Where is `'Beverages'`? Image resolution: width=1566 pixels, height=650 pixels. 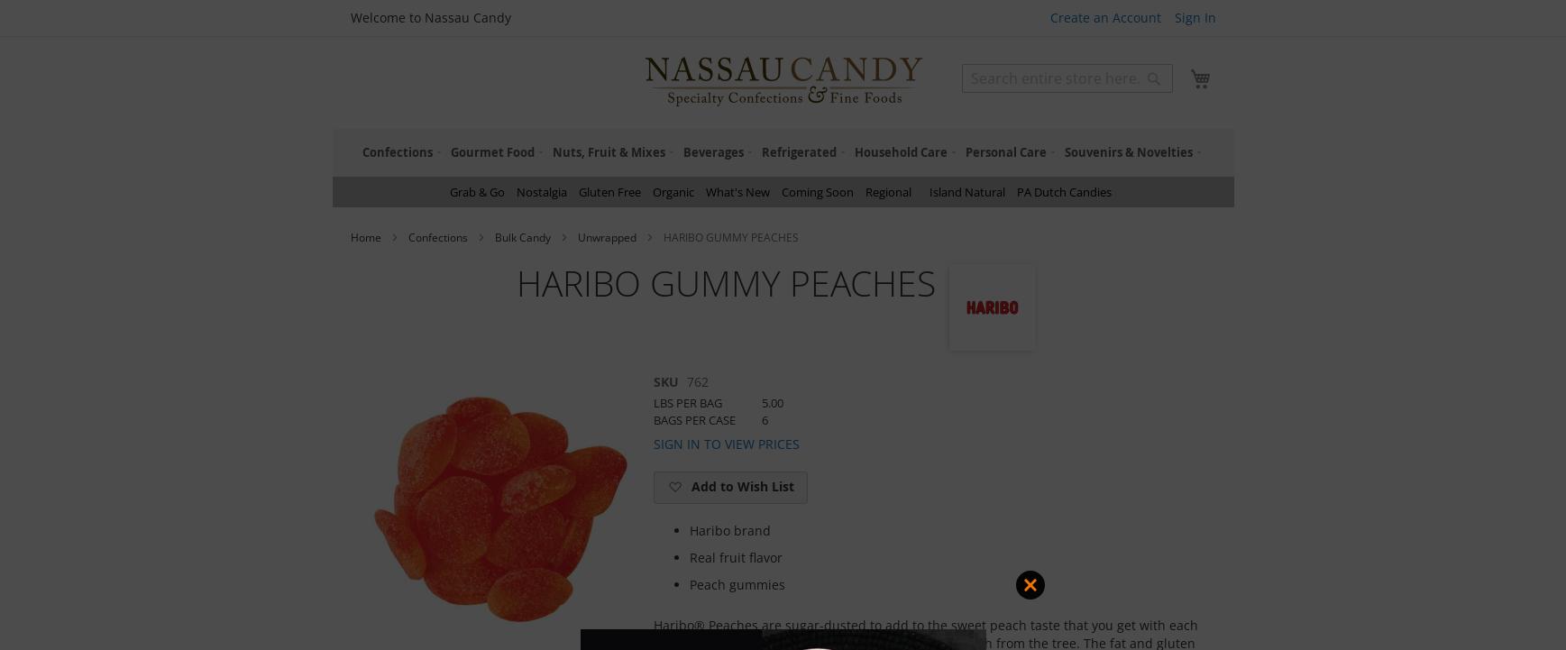
'Beverages' is located at coordinates (712, 151).